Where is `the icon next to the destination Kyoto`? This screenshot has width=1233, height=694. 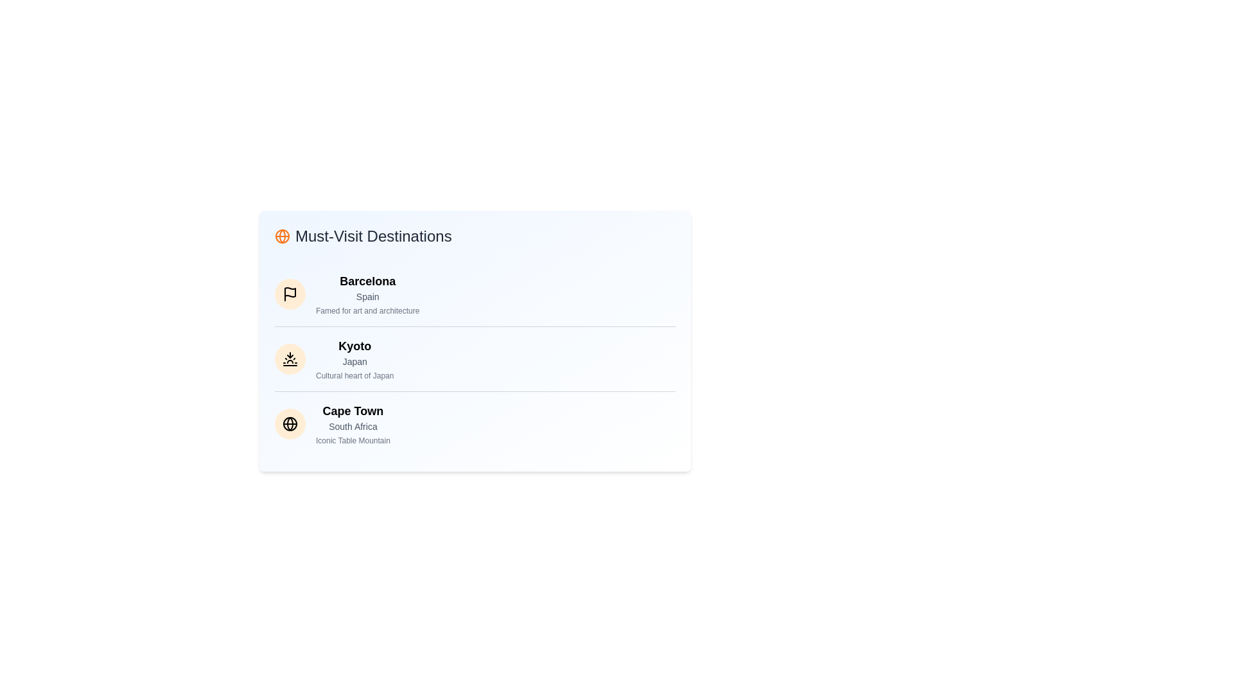 the icon next to the destination Kyoto is located at coordinates (289, 359).